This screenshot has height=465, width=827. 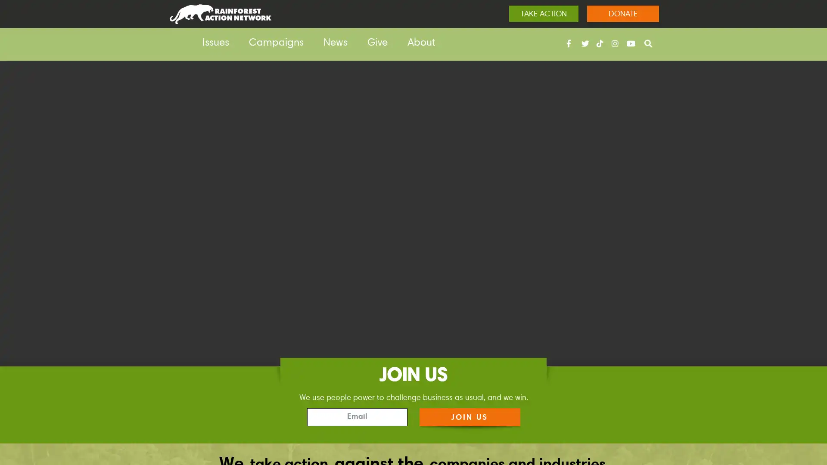 What do you see at coordinates (21, 419) in the screenshot?
I see `play` at bounding box center [21, 419].